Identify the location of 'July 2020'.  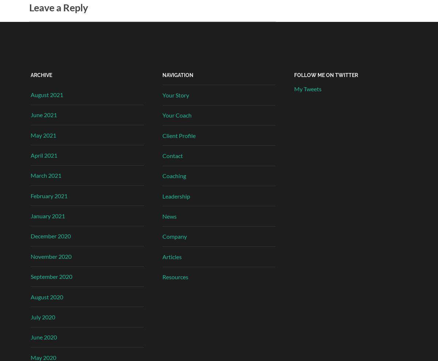
(43, 316).